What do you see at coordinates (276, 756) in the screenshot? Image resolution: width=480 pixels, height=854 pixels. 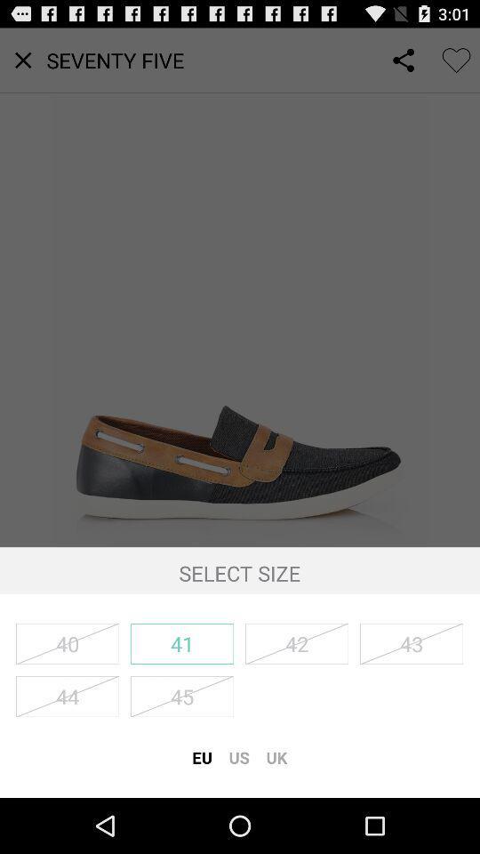 I see `item to the right of us` at bounding box center [276, 756].